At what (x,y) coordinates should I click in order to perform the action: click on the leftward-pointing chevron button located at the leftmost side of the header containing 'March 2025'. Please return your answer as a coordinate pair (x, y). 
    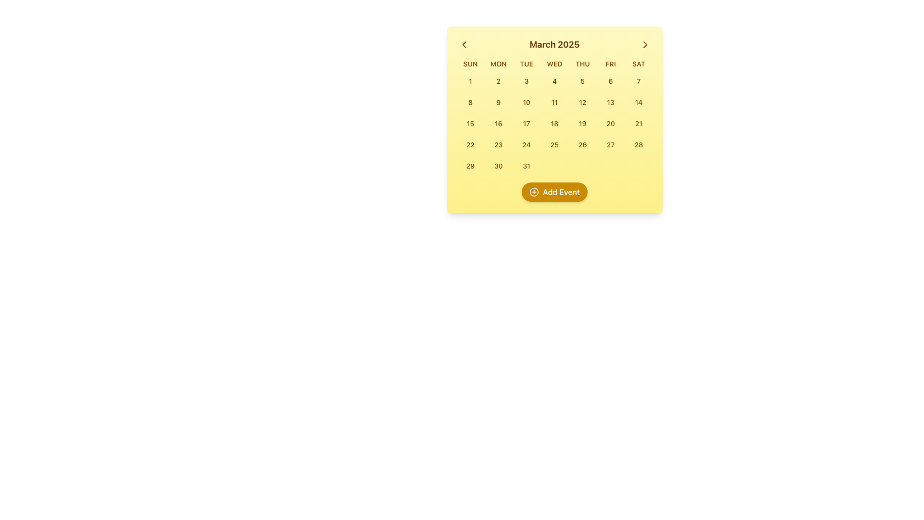
    Looking at the image, I should click on (464, 44).